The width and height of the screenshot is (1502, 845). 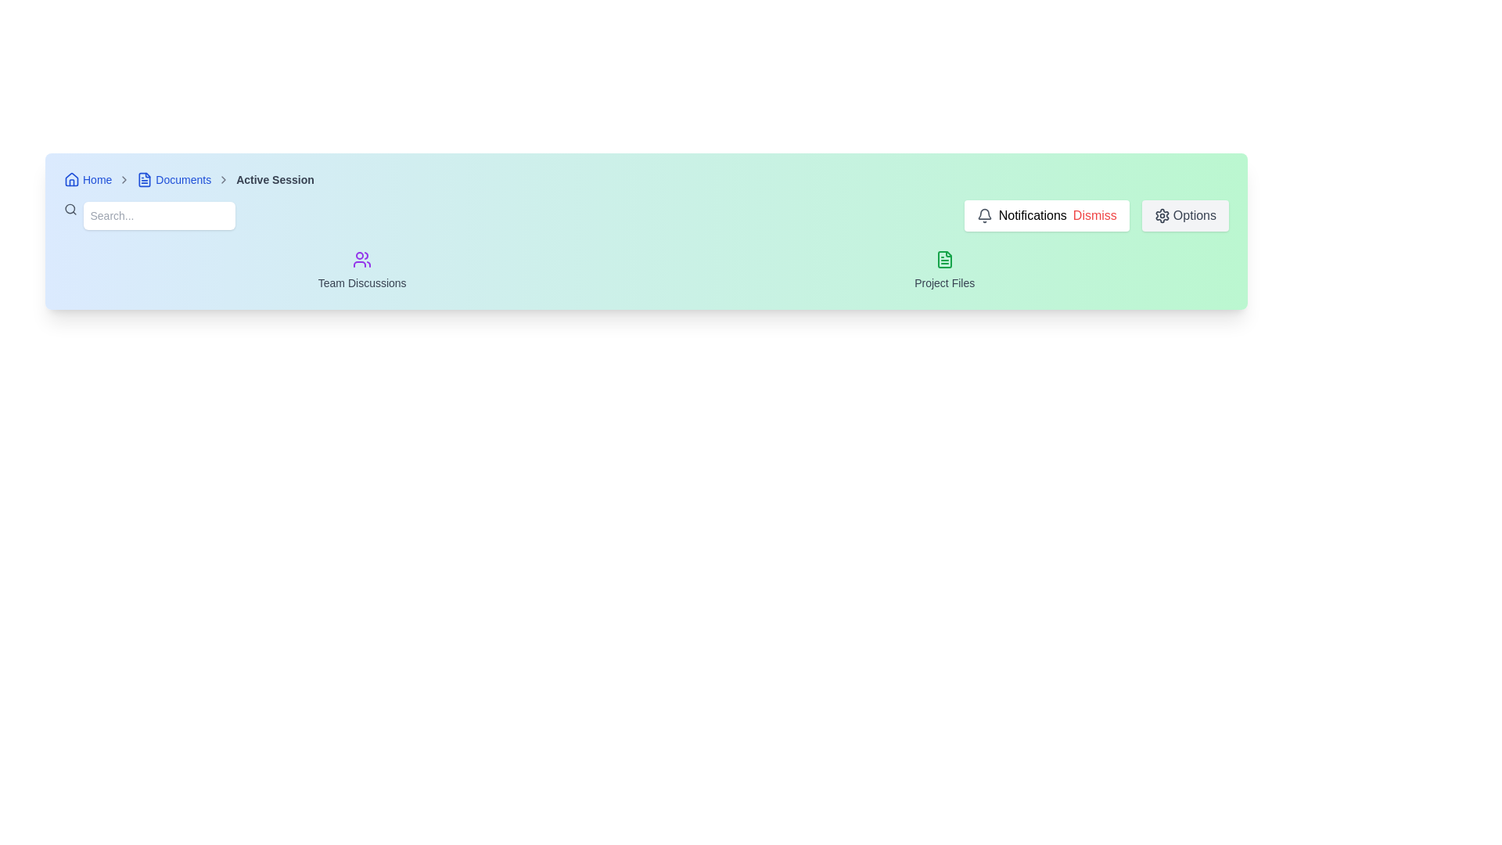 What do you see at coordinates (70, 208) in the screenshot?
I see `the search icon, which is a gray magnifying glass located to the left of the 'Search...' input field, to initiate a search` at bounding box center [70, 208].